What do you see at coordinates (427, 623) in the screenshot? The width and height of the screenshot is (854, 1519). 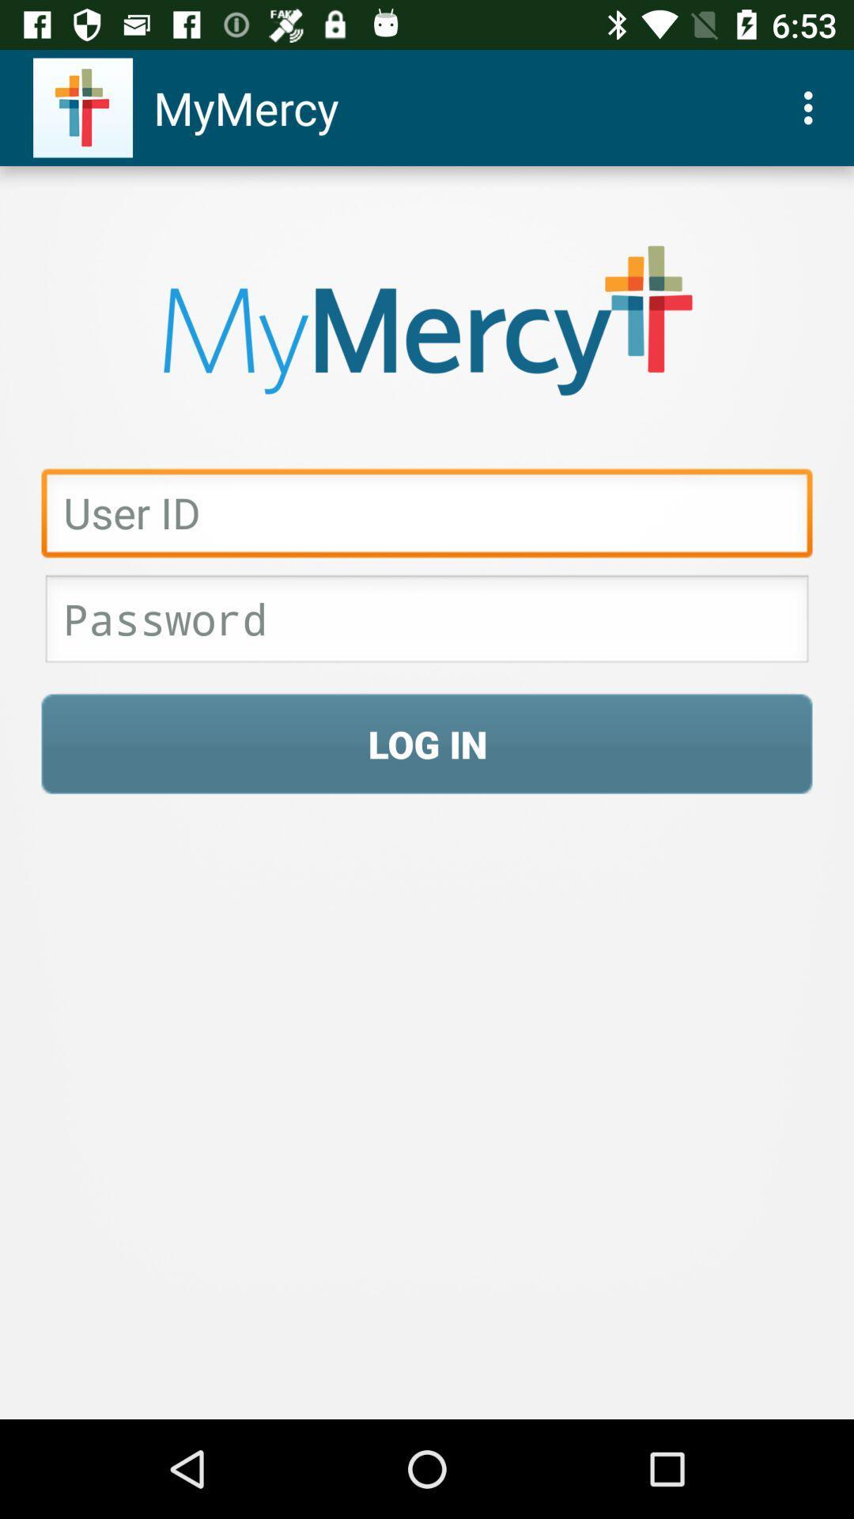 I see `password` at bounding box center [427, 623].